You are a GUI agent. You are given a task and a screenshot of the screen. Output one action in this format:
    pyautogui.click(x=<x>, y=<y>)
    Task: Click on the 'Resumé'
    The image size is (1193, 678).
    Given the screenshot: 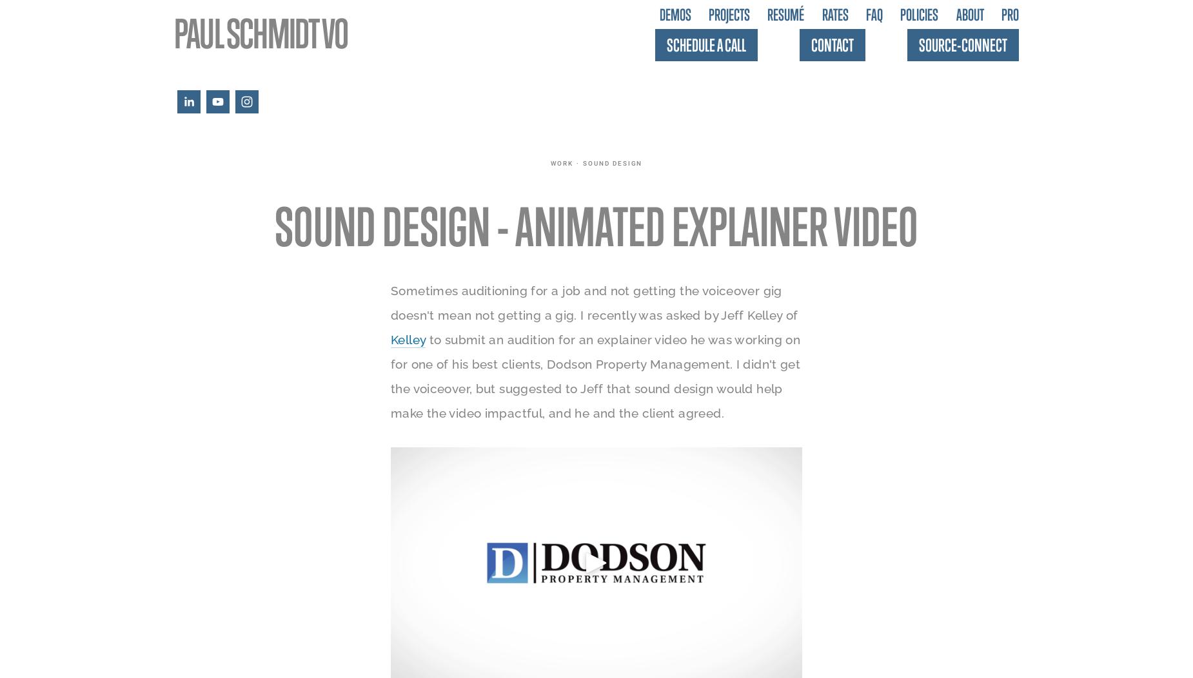 What is the action you would take?
    pyautogui.click(x=785, y=14)
    